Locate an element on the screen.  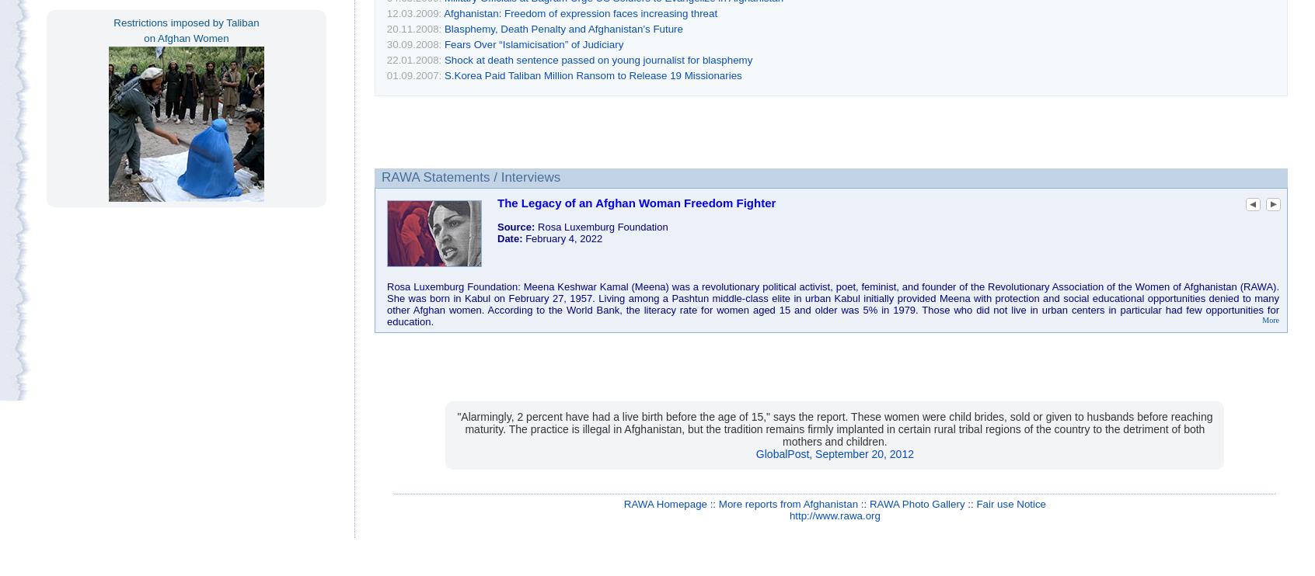
'"Alarmingly, 2 percent have had a live birth before the age of 15," says the report. These women were child brides, sold or given to husbands before reaching maturity. The practice is illegal in Afghanistan, but the tradition remains firmly implanted in certain rural tribal regions of the country to the detriment of both mothers and children.' is located at coordinates (835, 429).